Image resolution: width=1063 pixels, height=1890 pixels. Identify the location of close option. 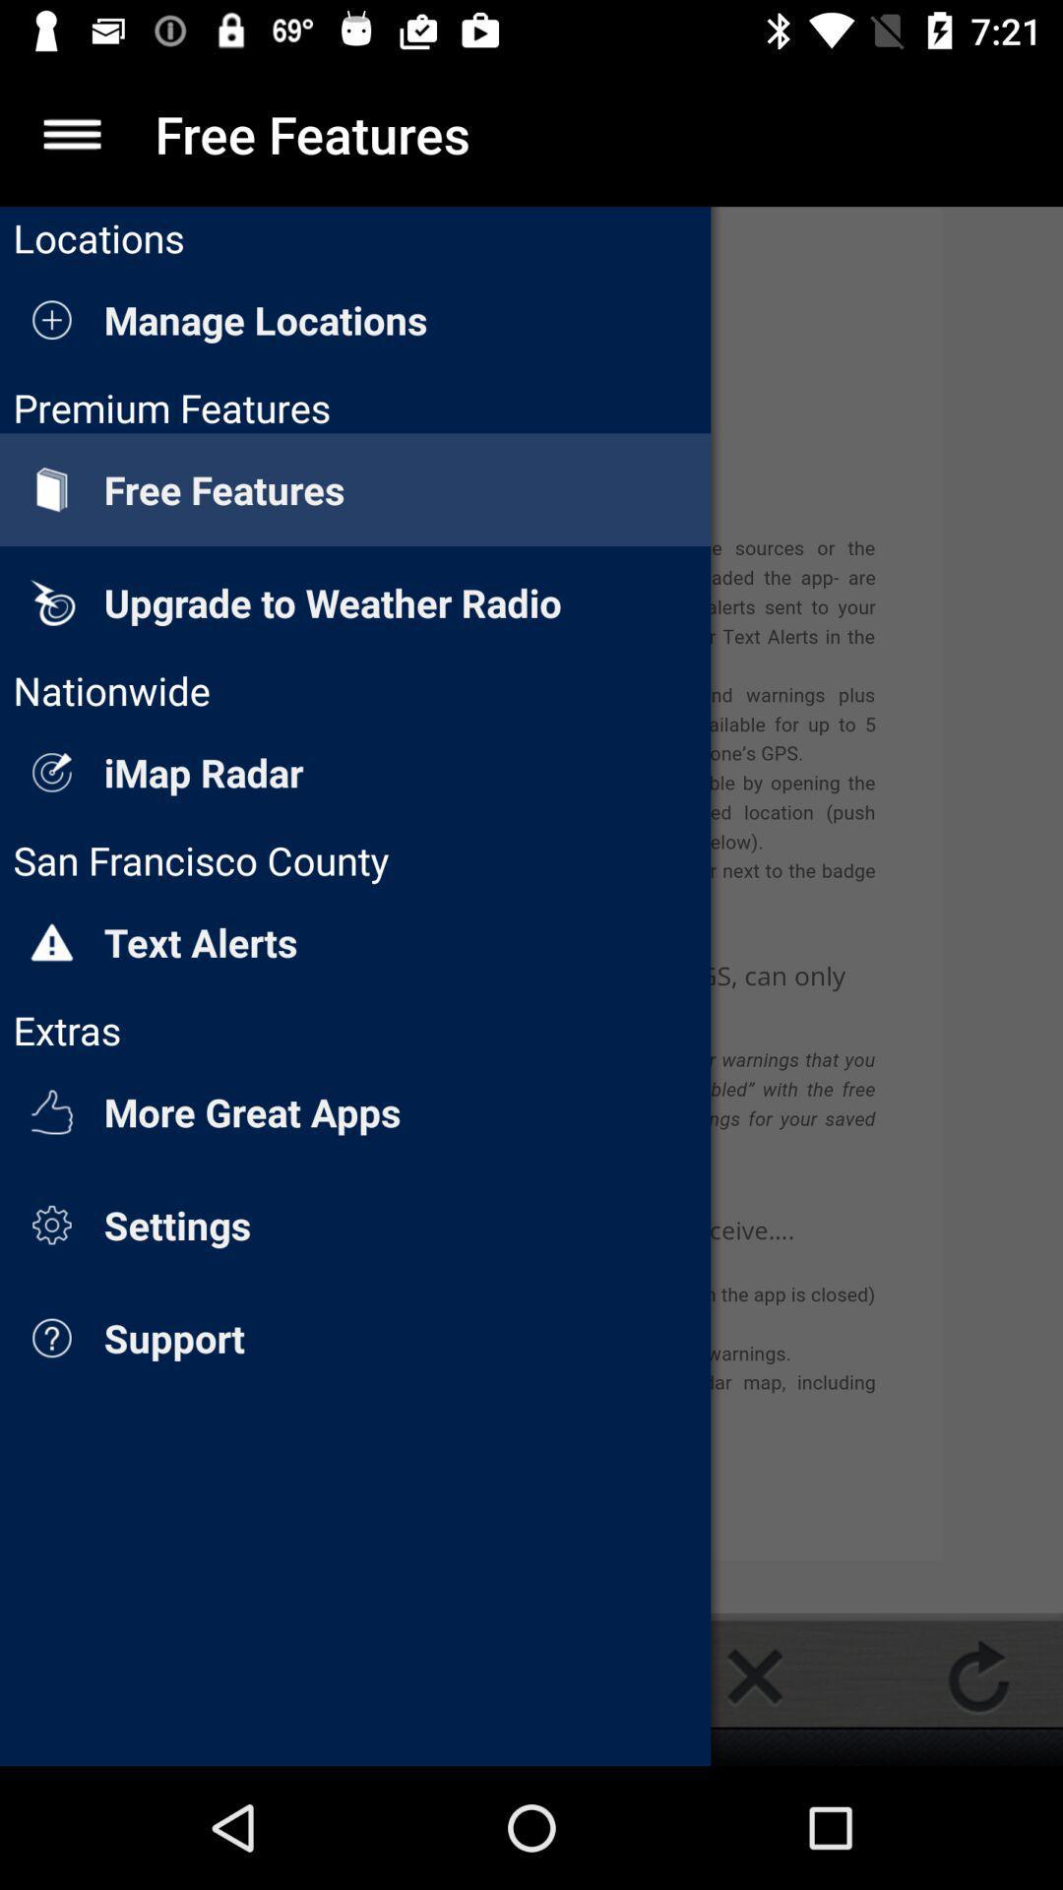
(754, 1675).